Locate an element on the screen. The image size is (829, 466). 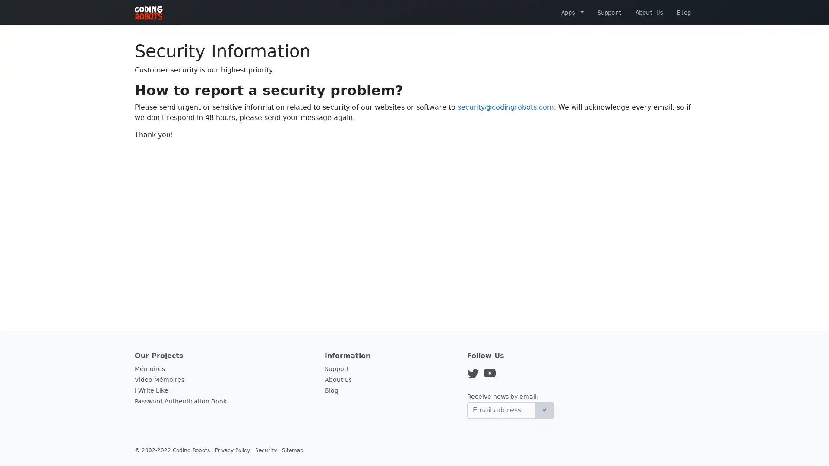
Subscribe is located at coordinates (544, 410).